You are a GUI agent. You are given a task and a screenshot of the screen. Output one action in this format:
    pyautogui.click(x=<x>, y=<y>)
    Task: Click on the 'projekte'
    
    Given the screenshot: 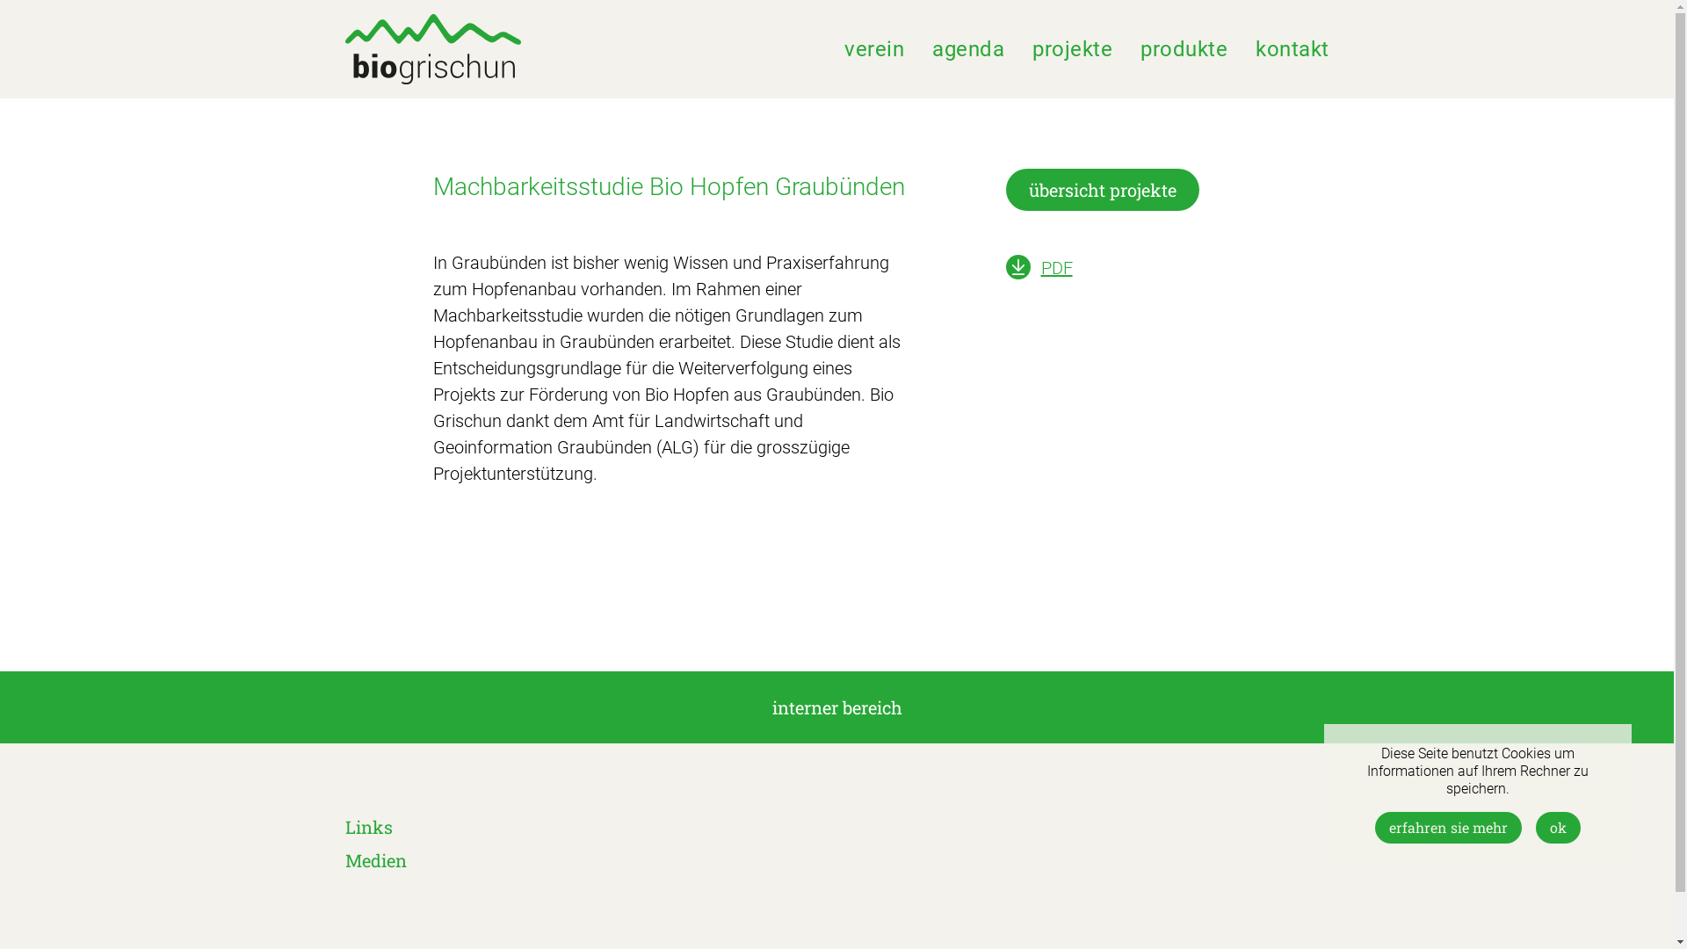 What is the action you would take?
    pyautogui.click(x=1071, y=48)
    